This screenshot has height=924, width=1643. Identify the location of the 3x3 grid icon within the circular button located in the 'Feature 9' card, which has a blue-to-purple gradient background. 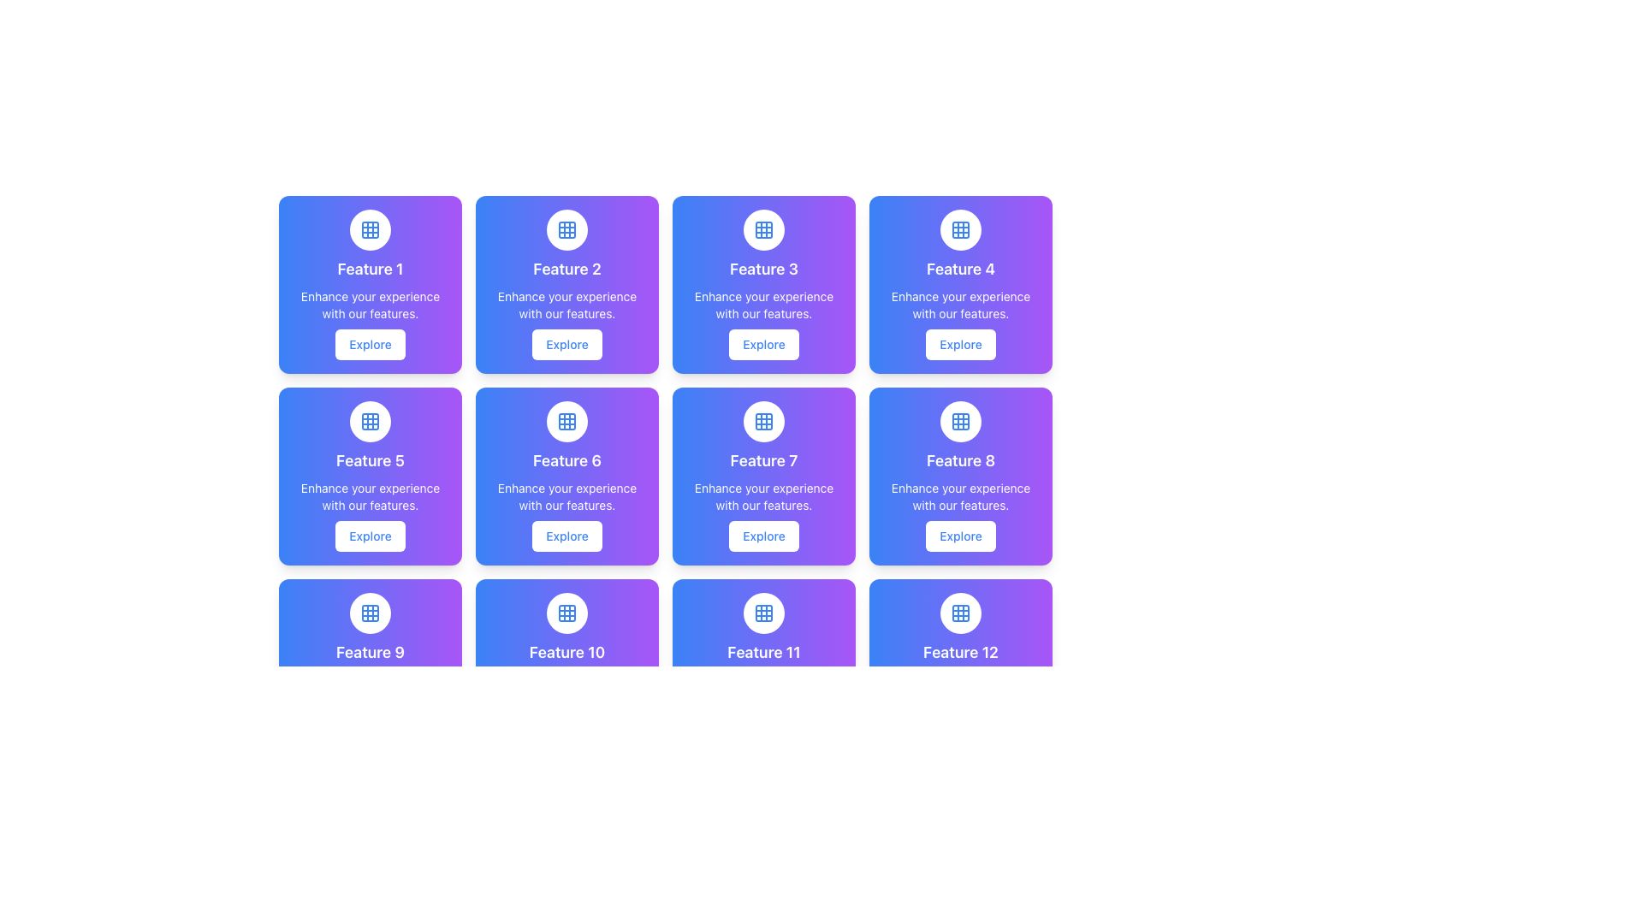
(369, 613).